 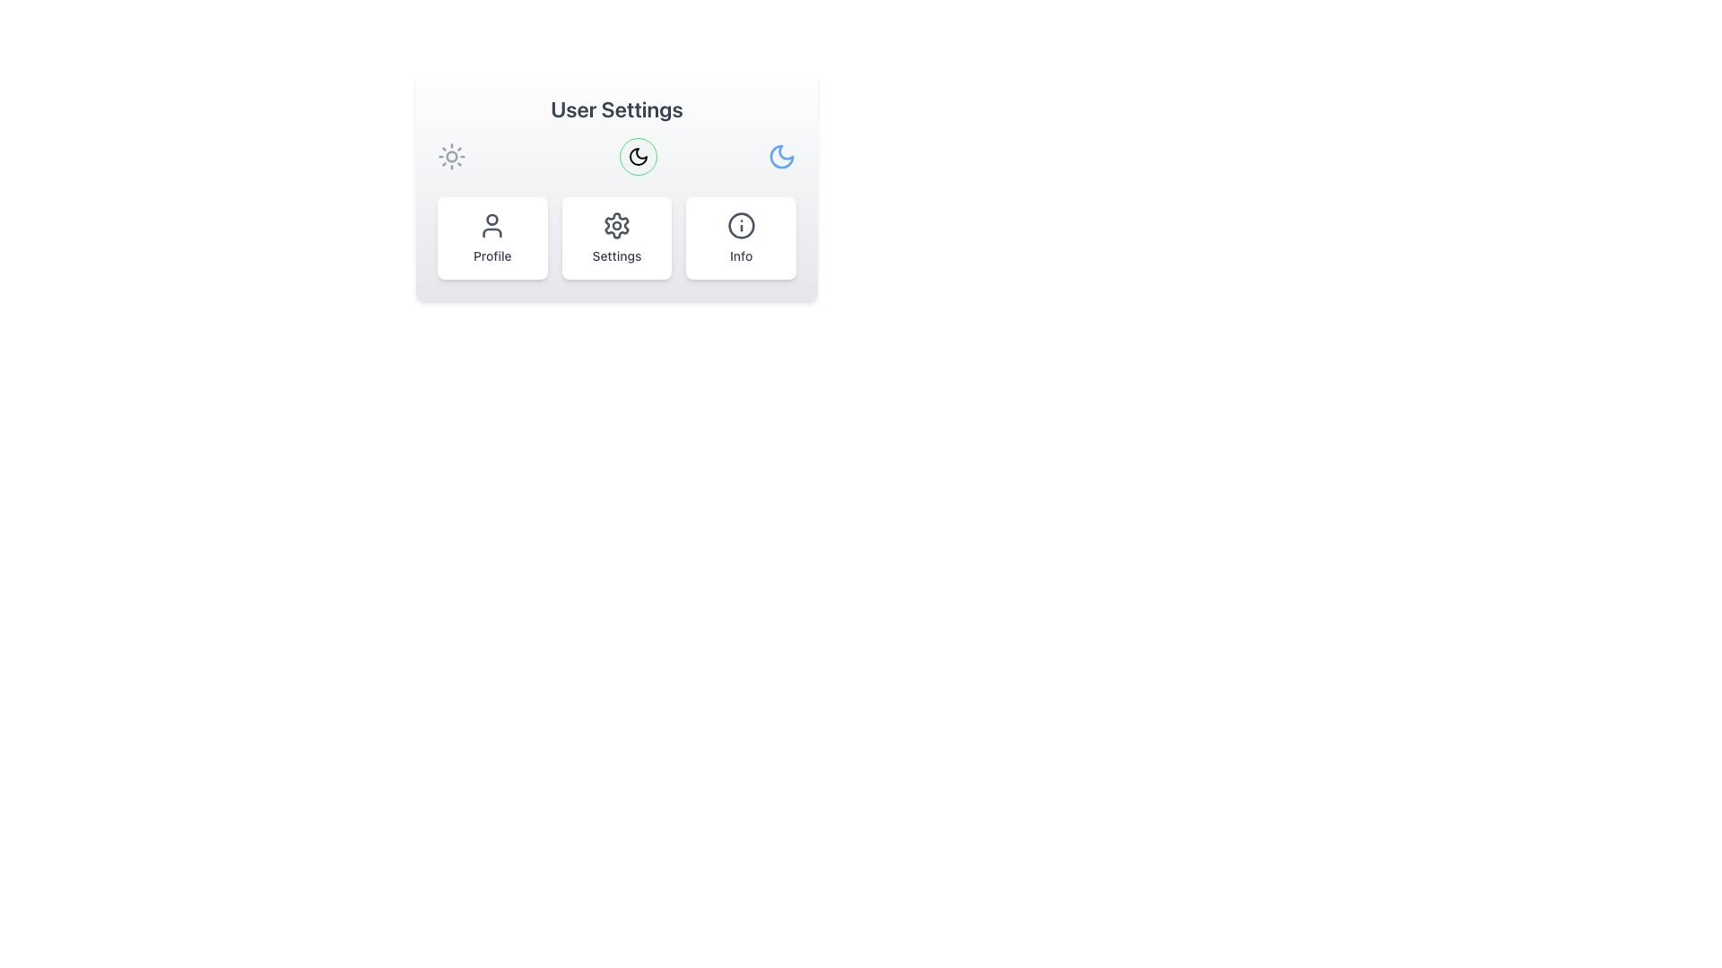 I want to click on the 'Profile' icon located in the top left corner of the segmented layout beneath 'User Settings', so click(x=492, y=224).